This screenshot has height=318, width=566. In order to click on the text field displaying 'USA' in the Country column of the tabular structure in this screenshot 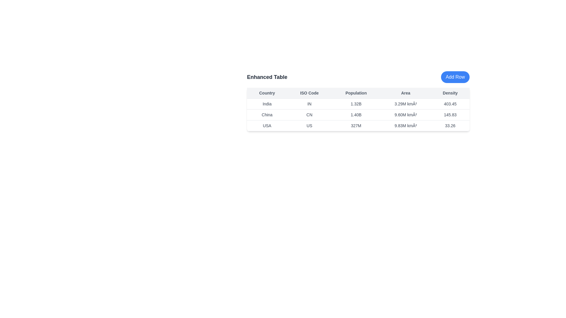, I will do `click(267, 125)`.